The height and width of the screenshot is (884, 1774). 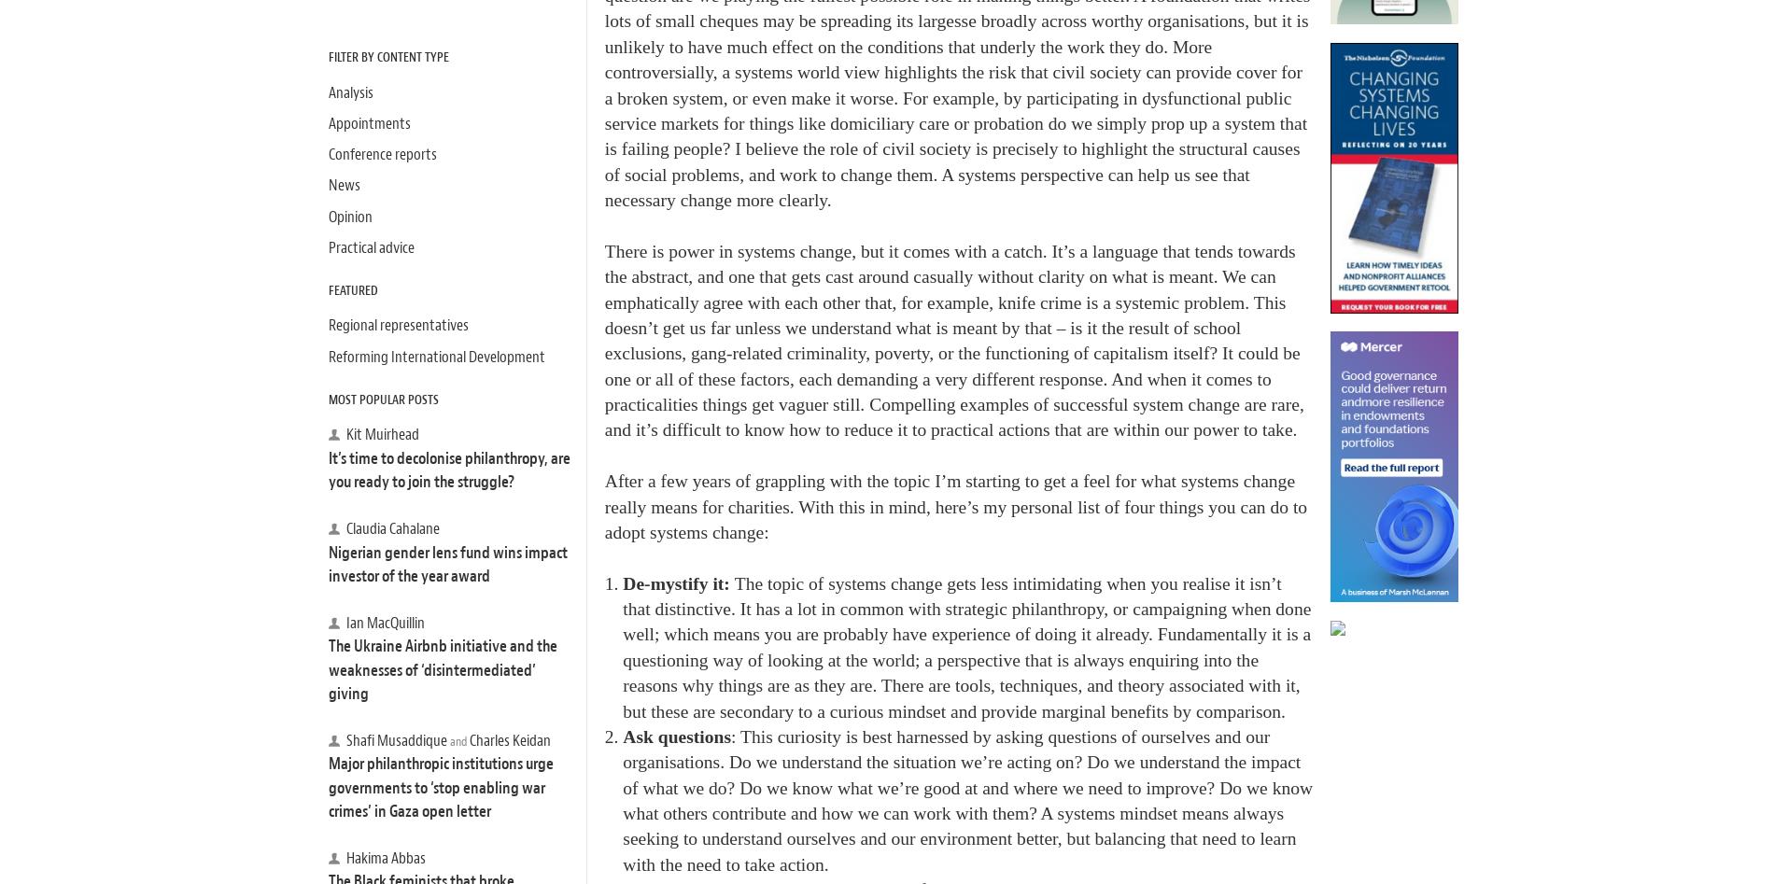 I want to click on 'The topic of systems change gets less intimidating when you realise it isn’t that distinctive. It has a lot in common with strategic philanthropy, or campaigning when done well; which means you are probably have experience of doing it already. Fundamentally it is a questioning way of looking at the world; a perspective that is always enquiring into the reasons why things are as they are. There are tools, techniques, and theory associated with it, but these are secondary to a curious mindset and provide marginal benefits by comparison.', so click(x=966, y=646).